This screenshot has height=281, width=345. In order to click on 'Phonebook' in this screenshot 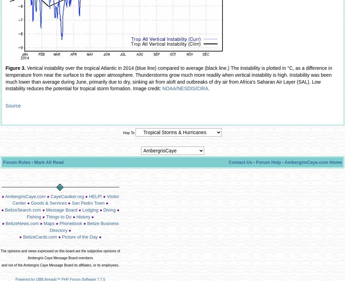, I will do `click(59, 223)`.